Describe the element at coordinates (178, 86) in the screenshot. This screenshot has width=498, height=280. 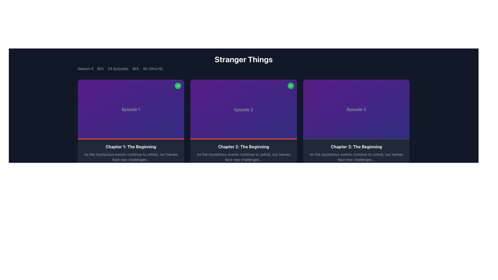
I see `the circular green icon with a checkmark inside it, located in the top-right corner of the 'Episode 2' card` at that location.